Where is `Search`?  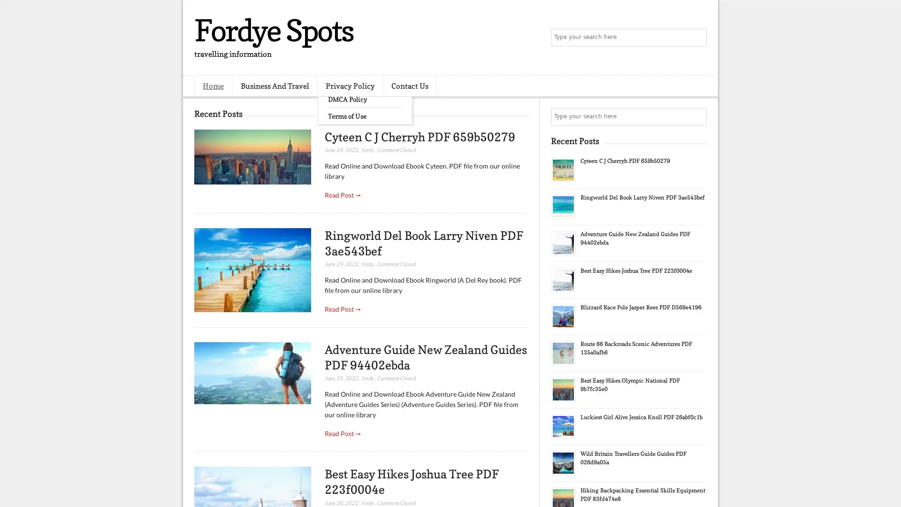 Search is located at coordinates (697, 38).